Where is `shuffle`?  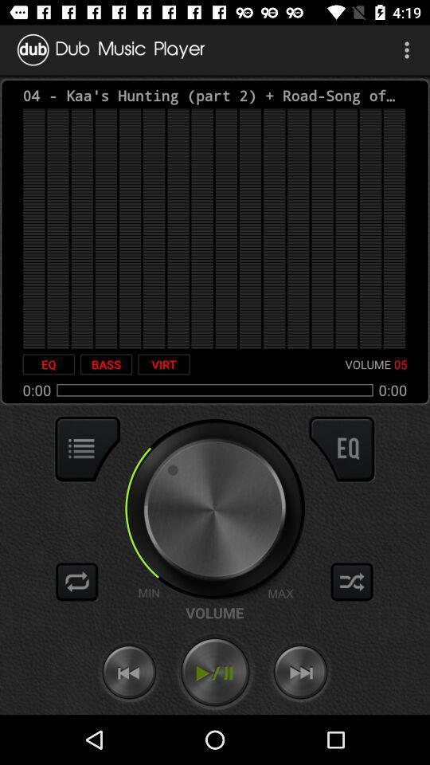 shuffle is located at coordinates (76, 581).